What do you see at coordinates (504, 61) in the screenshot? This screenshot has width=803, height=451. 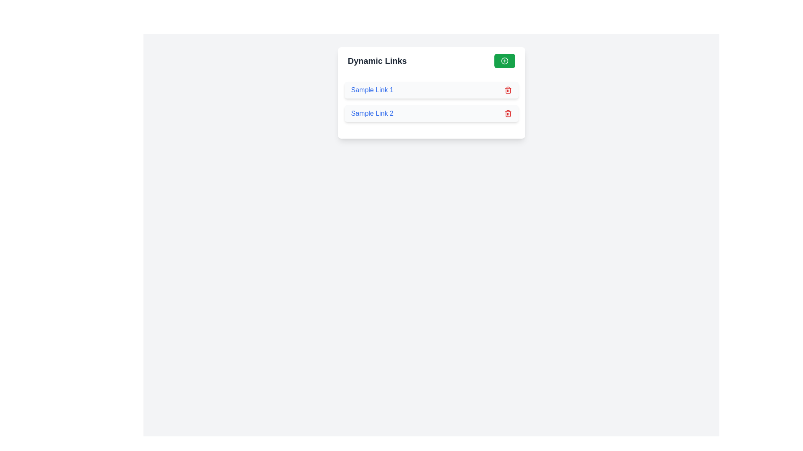 I see `the icon or button used to add a new item to the 'Dynamic Links' list, which is centered within a green rectangle near the top-right corner of the panel` at bounding box center [504, 61].